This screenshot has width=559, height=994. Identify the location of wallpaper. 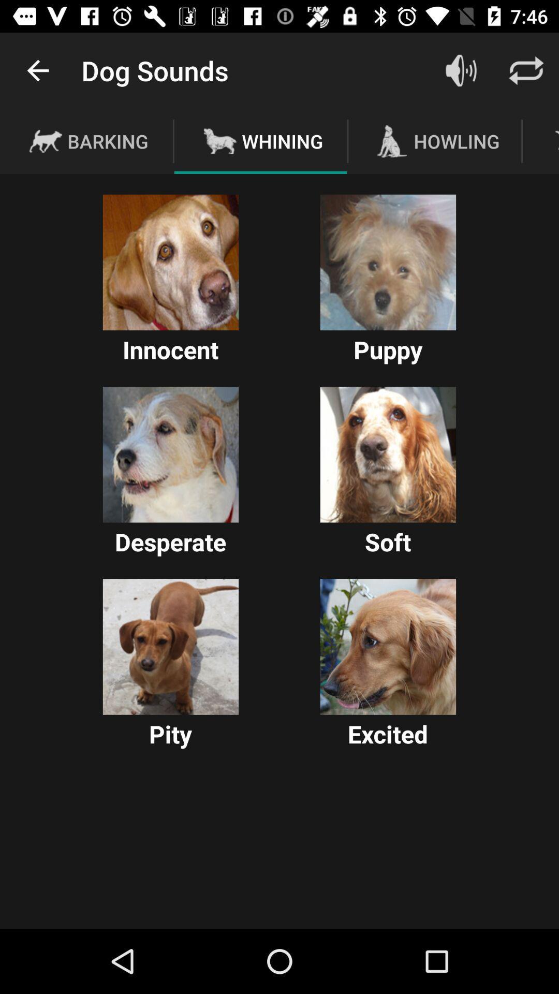
(388, 262).